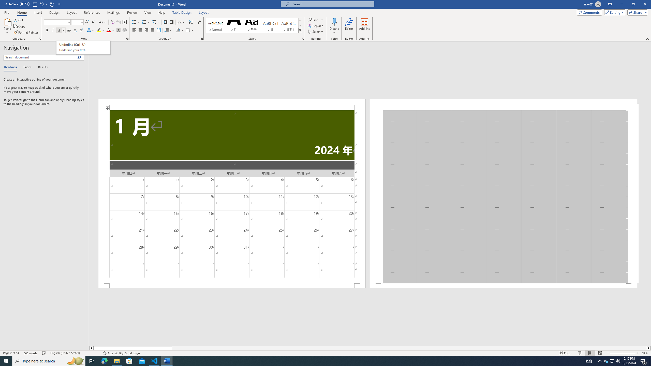  Describe the element at coordinates (118, 30) in the screenshot. I see `'Character Shading'` at that location.